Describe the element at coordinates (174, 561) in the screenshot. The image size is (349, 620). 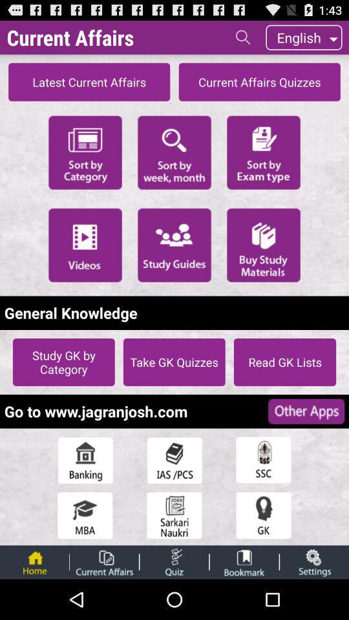
I see `take a quiz` at that location.